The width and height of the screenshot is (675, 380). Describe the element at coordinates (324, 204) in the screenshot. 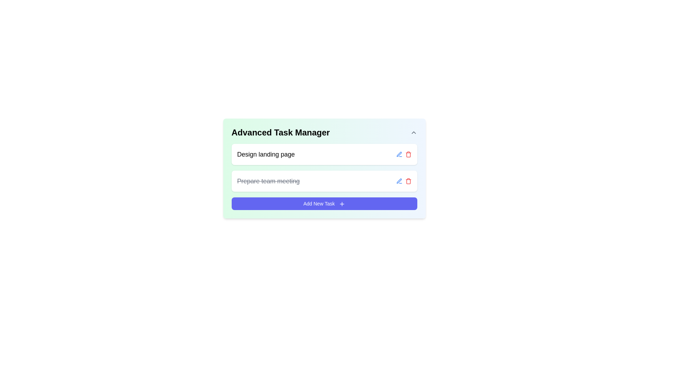

I see `the 'Add New Task' button, which is styled with white text on a blue background and includes a plus icon, located at the bottom of the card under the tasks 'Design landing page' and 'Prepare team meeting.'` at that location.